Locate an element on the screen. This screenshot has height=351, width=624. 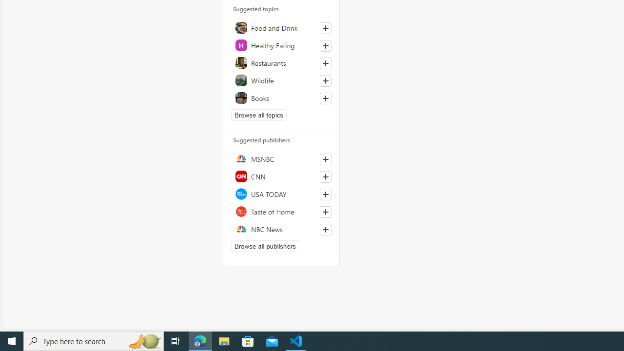
'Follow this topic' is located at coordinates (326, 98).